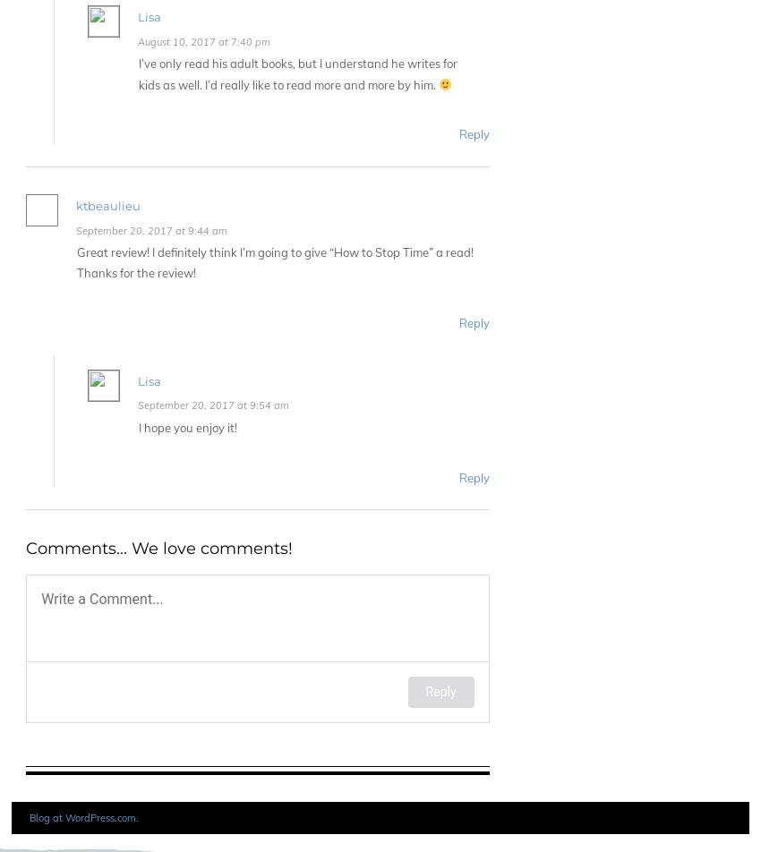  I want to click on 'September 20, 2017 at 9:44 am', so click(76, 230).